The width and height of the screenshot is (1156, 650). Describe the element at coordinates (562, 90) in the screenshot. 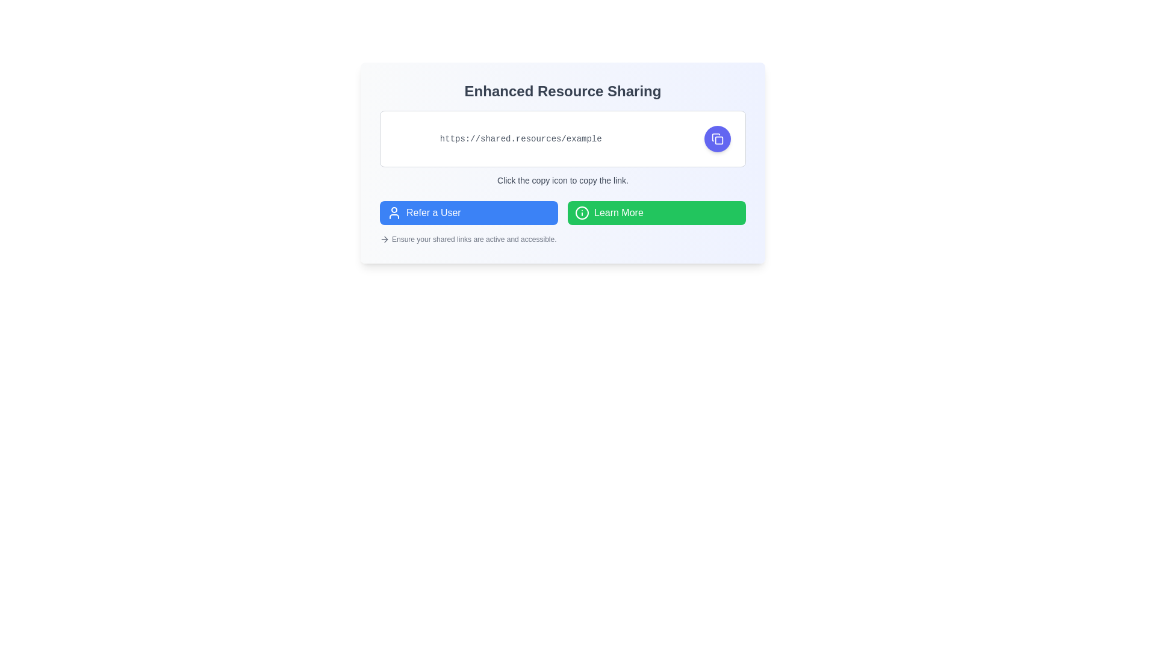

I see `the text element displaying 'Enhanced Resource Sharing', which is styled in a bold 2xl serif font and centered within a gradient background` at that location.